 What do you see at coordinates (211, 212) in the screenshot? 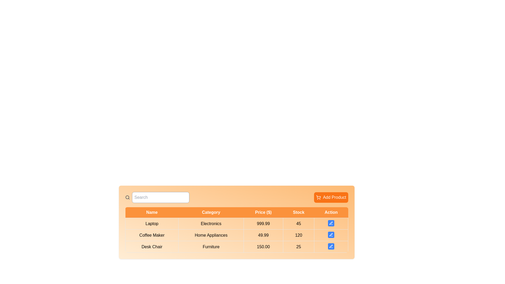
I see `the 'Category' header cell in the table to sort data by this column` at bounding box center [211, 212].